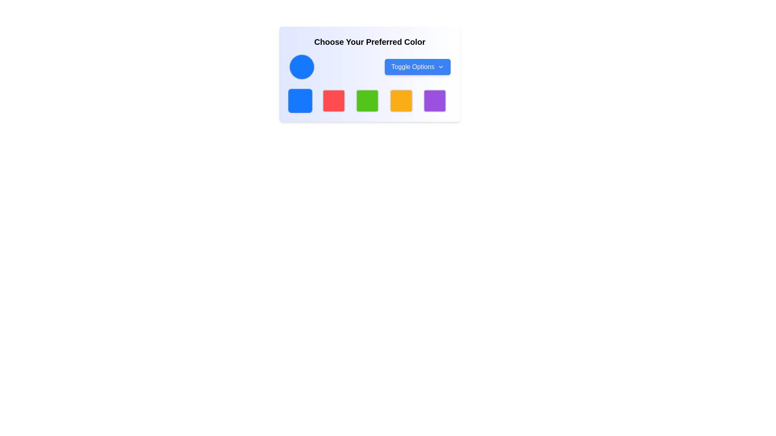  What do you see at coordinates (440, 66) in the screenshot?
I see `the Chevron-down icon within the 'Toggle Options' button located in the upper-right corner of the selection-card interface` at bounding box center [440, 66].